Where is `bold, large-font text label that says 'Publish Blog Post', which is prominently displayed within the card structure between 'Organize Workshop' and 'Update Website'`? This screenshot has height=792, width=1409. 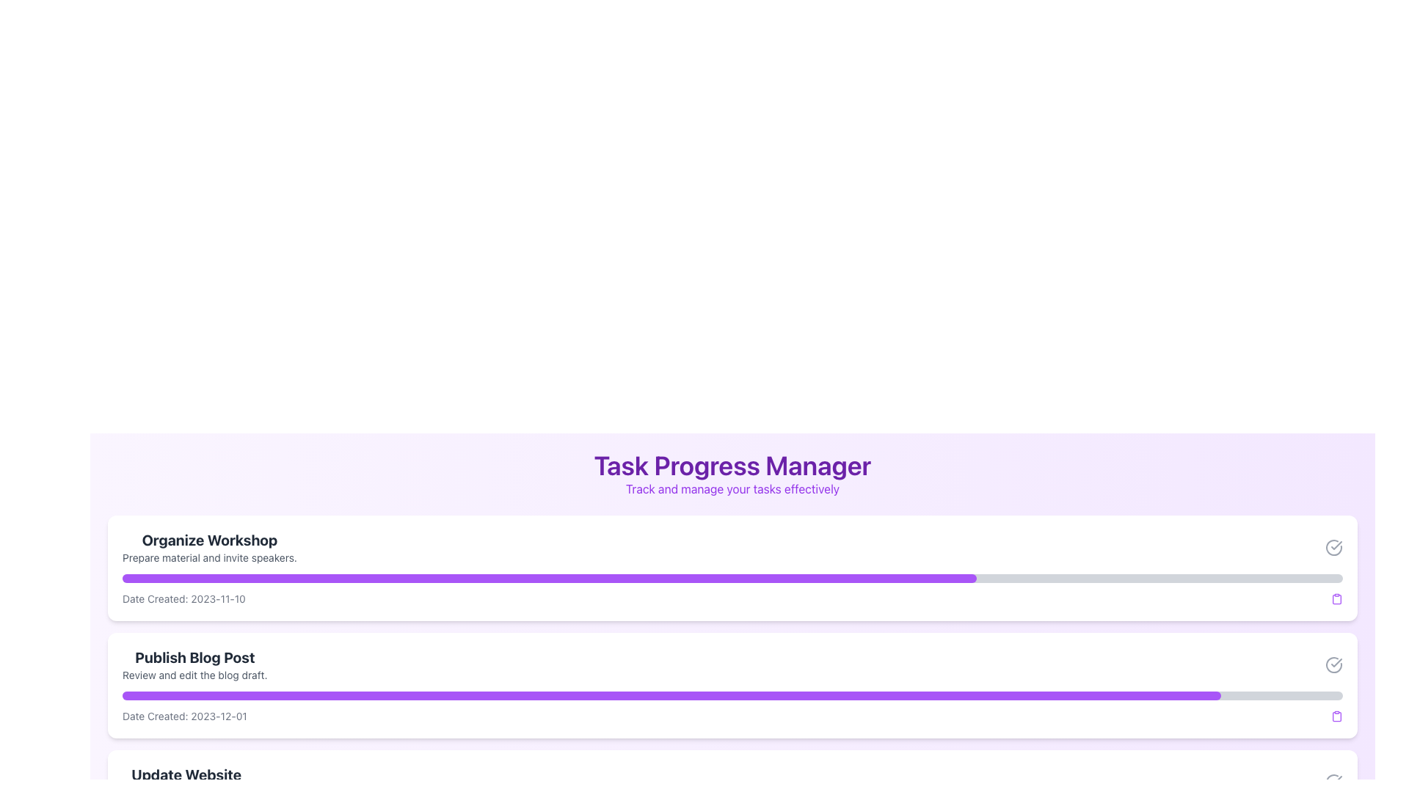 bold, large-font text label that says 'Publish Blog Post', which is prominently displayed within the card structure between 'Organize Workshop' and 'Update Website' is located at coordinates (194, 657).